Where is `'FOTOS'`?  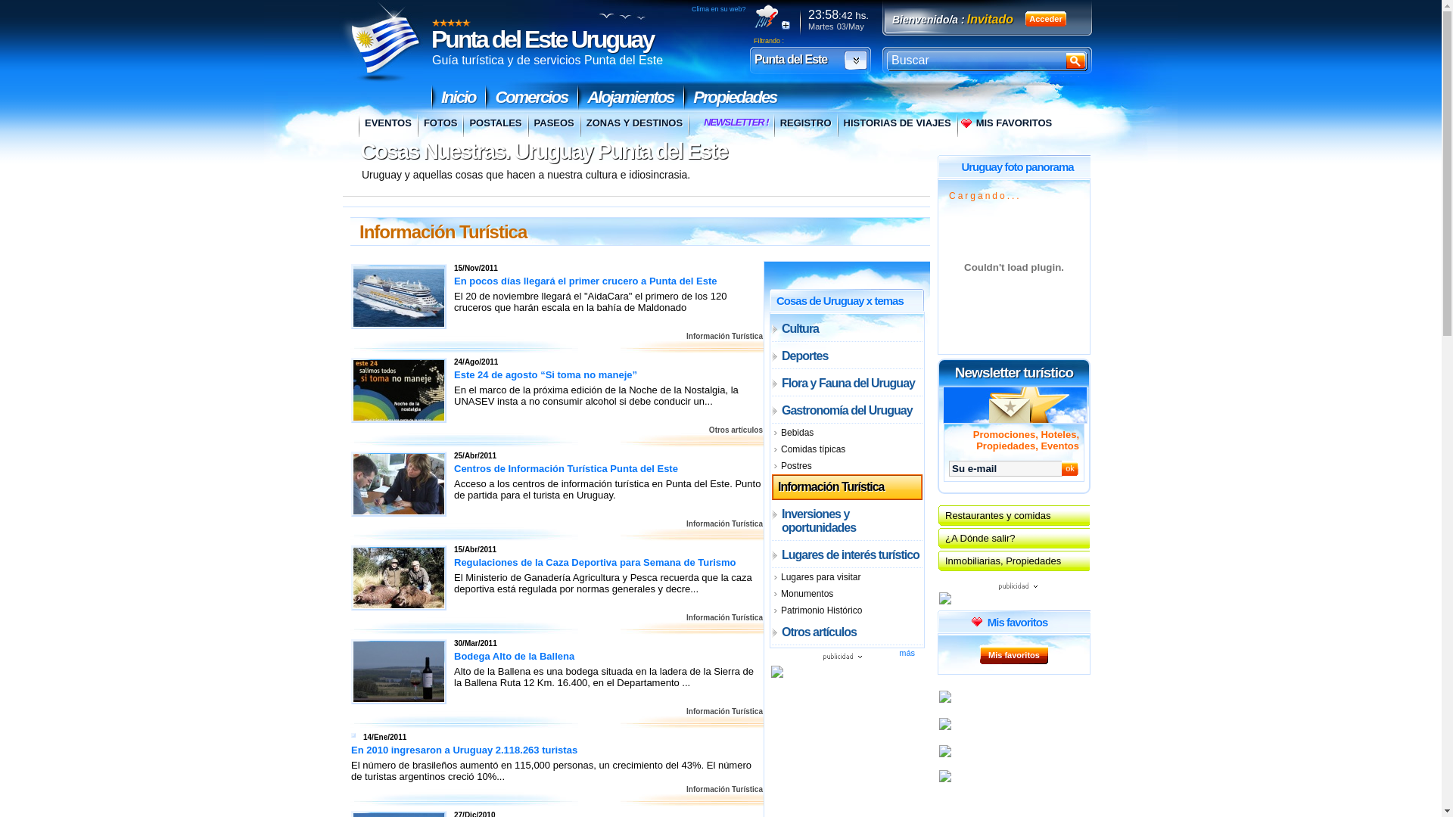
'FOTOS' is located at coordinates (418, 124).